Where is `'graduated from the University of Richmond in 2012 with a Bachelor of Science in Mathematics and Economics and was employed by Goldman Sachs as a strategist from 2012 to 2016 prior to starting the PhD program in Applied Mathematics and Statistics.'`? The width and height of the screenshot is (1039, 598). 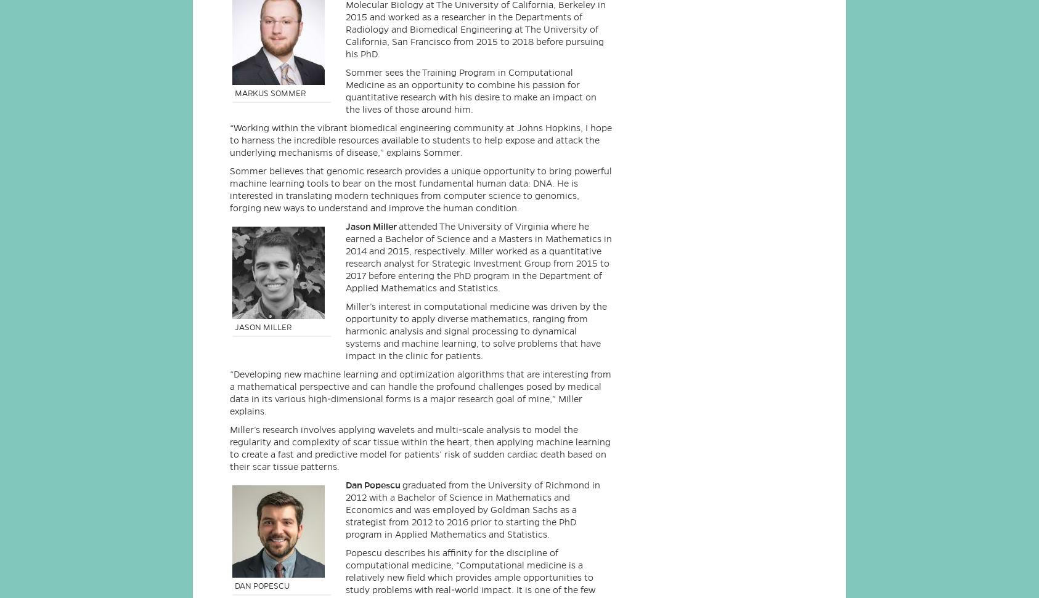 'graduated from the University of Richmond in 2012 with a Bachelor of Science in Mathematics and Economics and was employed by Goldman Sachs as a strategist from 2012 to 2016 prior to starting the PhD program in Applied Mathematics and Statistics.' is located at coordinates (473, 509).